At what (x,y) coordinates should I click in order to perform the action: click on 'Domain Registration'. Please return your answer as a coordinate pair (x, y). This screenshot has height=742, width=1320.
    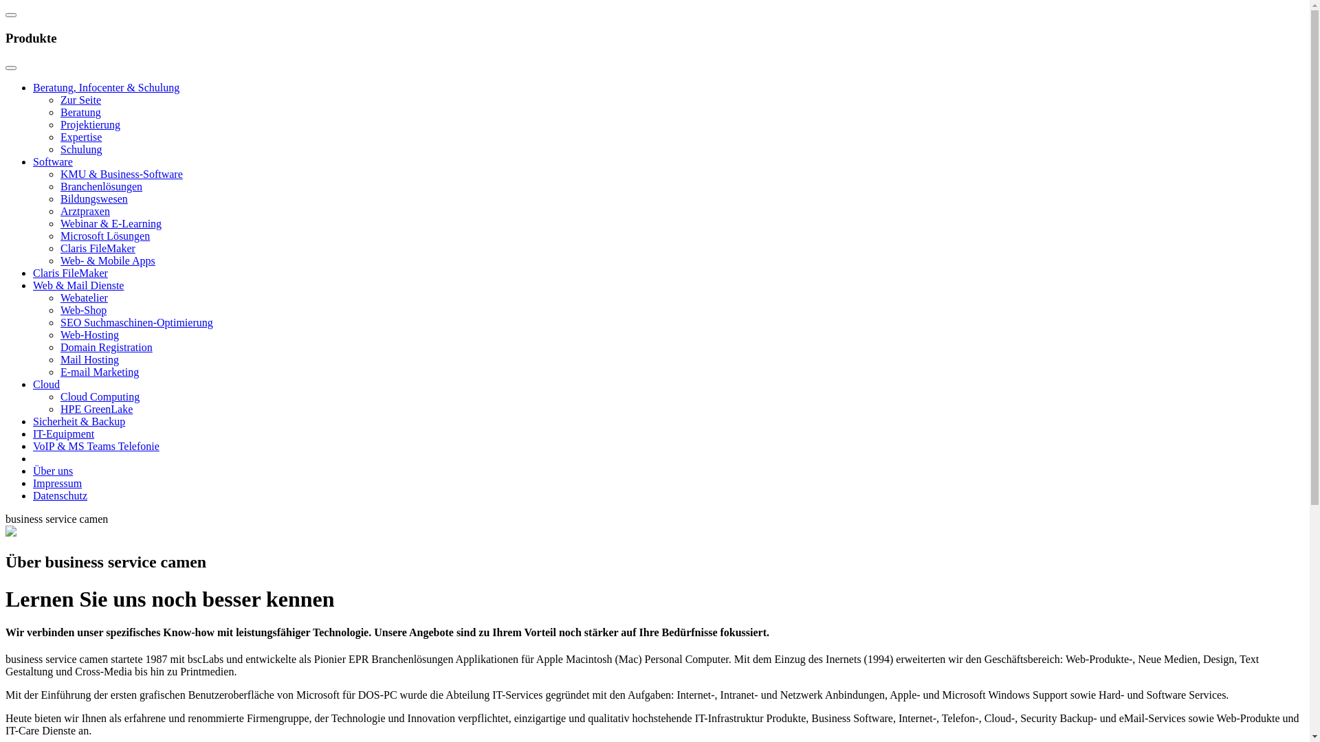
    Looking at the image, I should click on (105, 346).